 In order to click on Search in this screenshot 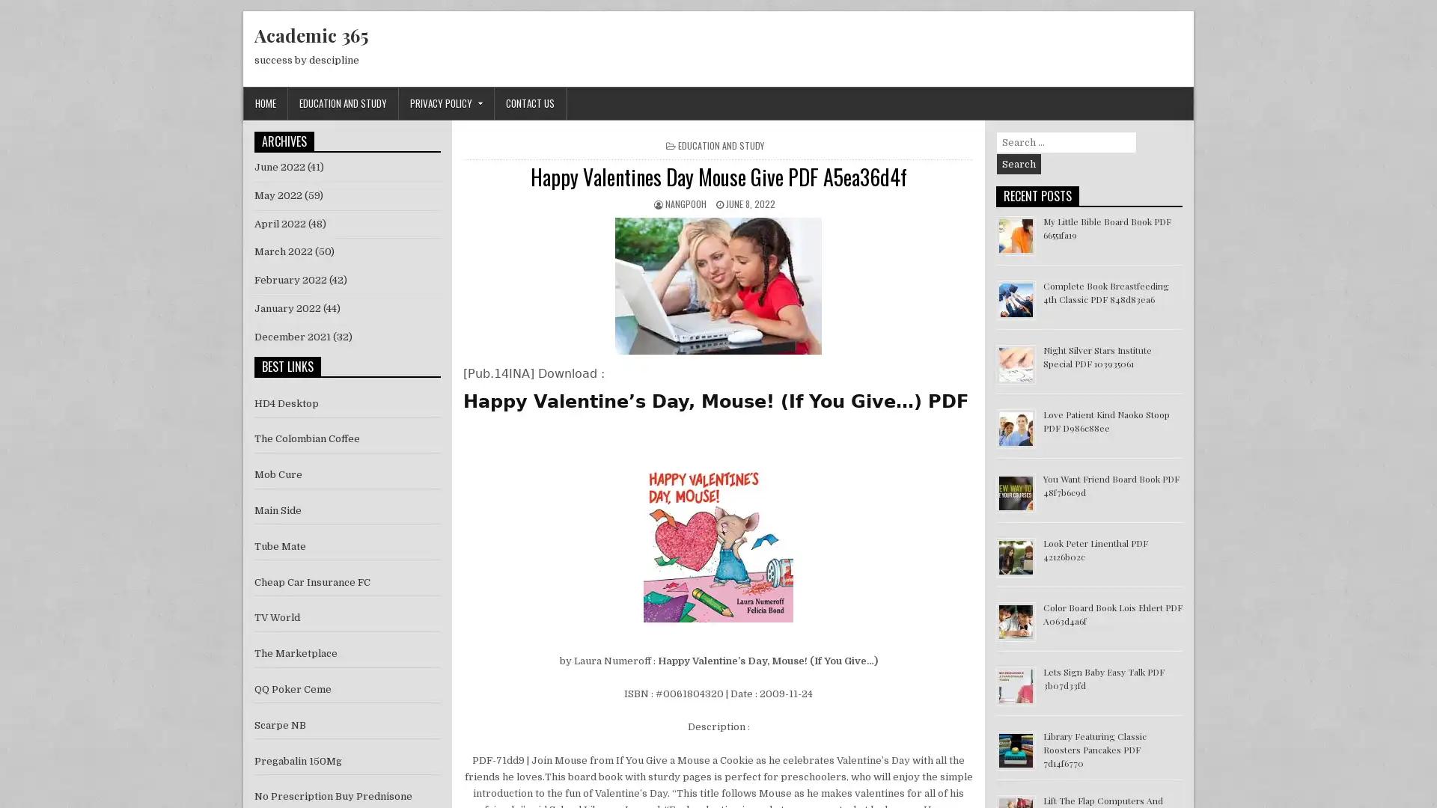, I will do `click(1018, 164)`.